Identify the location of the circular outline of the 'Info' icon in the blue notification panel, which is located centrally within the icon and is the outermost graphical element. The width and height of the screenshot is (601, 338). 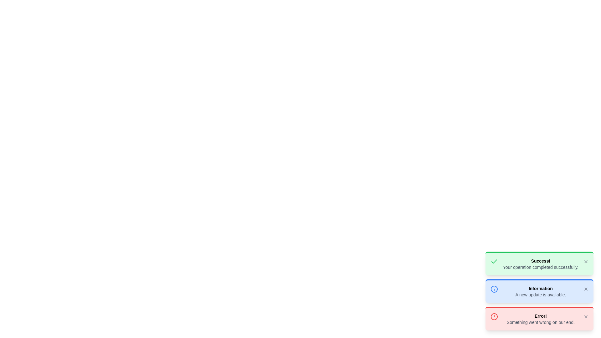
(494, 289).